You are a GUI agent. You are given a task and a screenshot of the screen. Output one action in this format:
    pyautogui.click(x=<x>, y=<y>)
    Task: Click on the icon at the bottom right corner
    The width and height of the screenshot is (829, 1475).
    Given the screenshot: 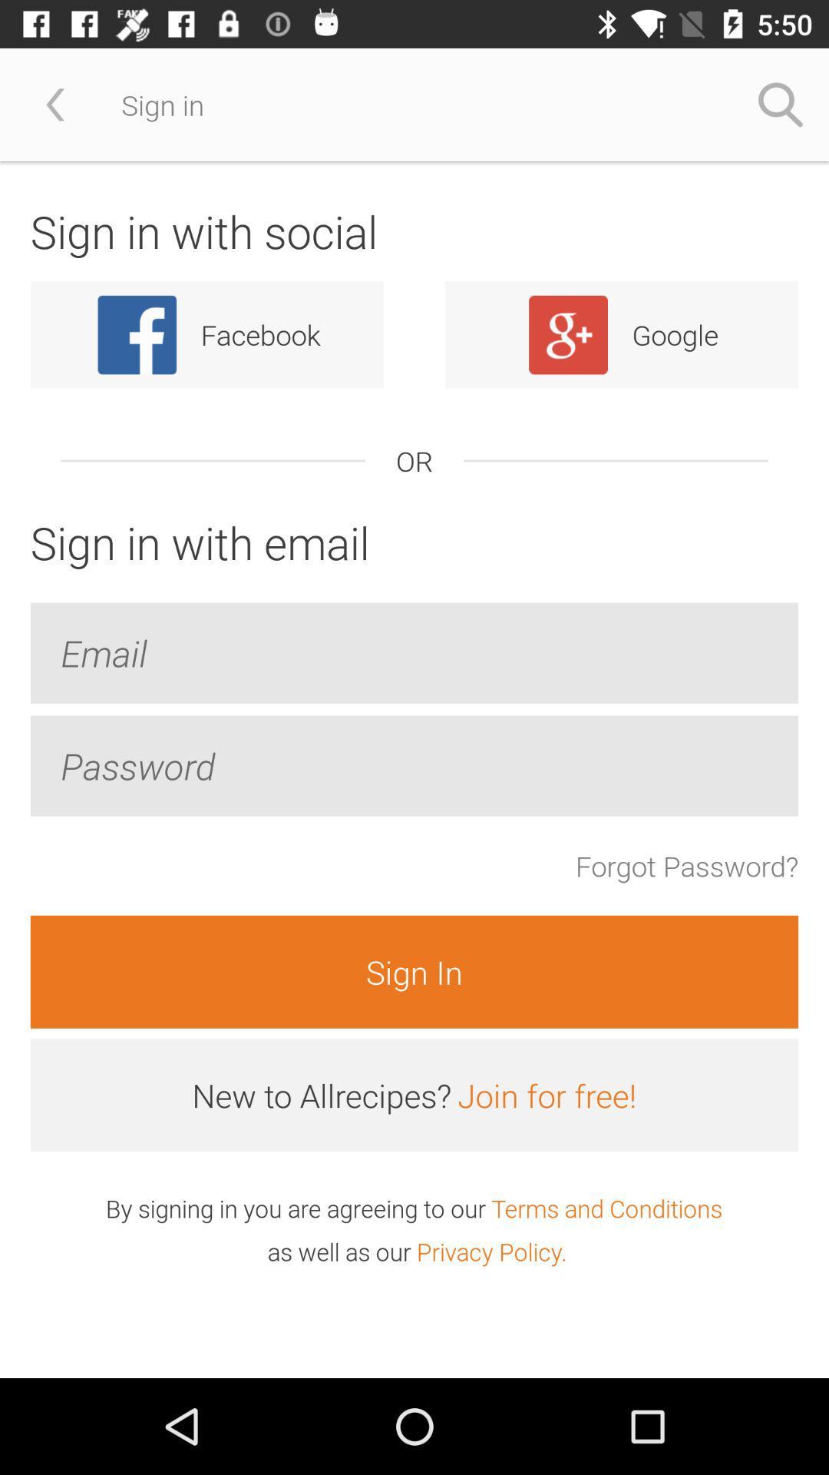 What is the action you would take?
    pyautogui.click(x=606, y=1208)
    